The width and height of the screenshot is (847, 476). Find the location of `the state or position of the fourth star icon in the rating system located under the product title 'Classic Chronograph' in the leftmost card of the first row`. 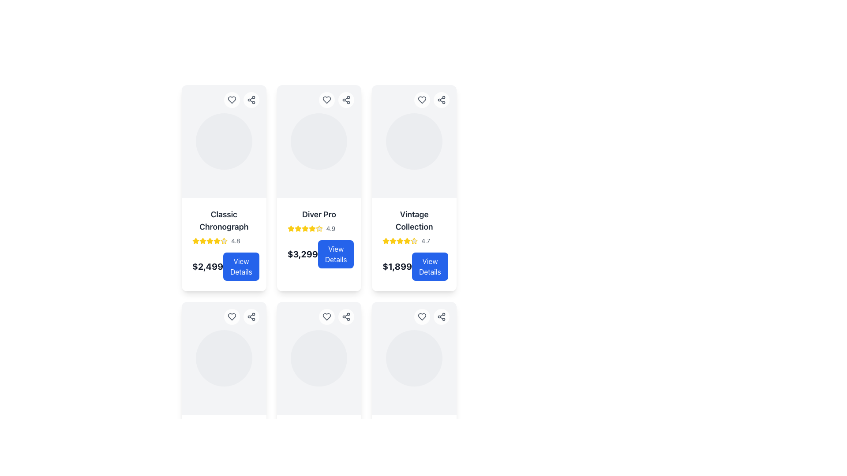

the state or position of the fourth star icon in the rating system located under the product title 'Classic Chronograph' in the leftmost card of the first row is located at coordinates (209, 241).